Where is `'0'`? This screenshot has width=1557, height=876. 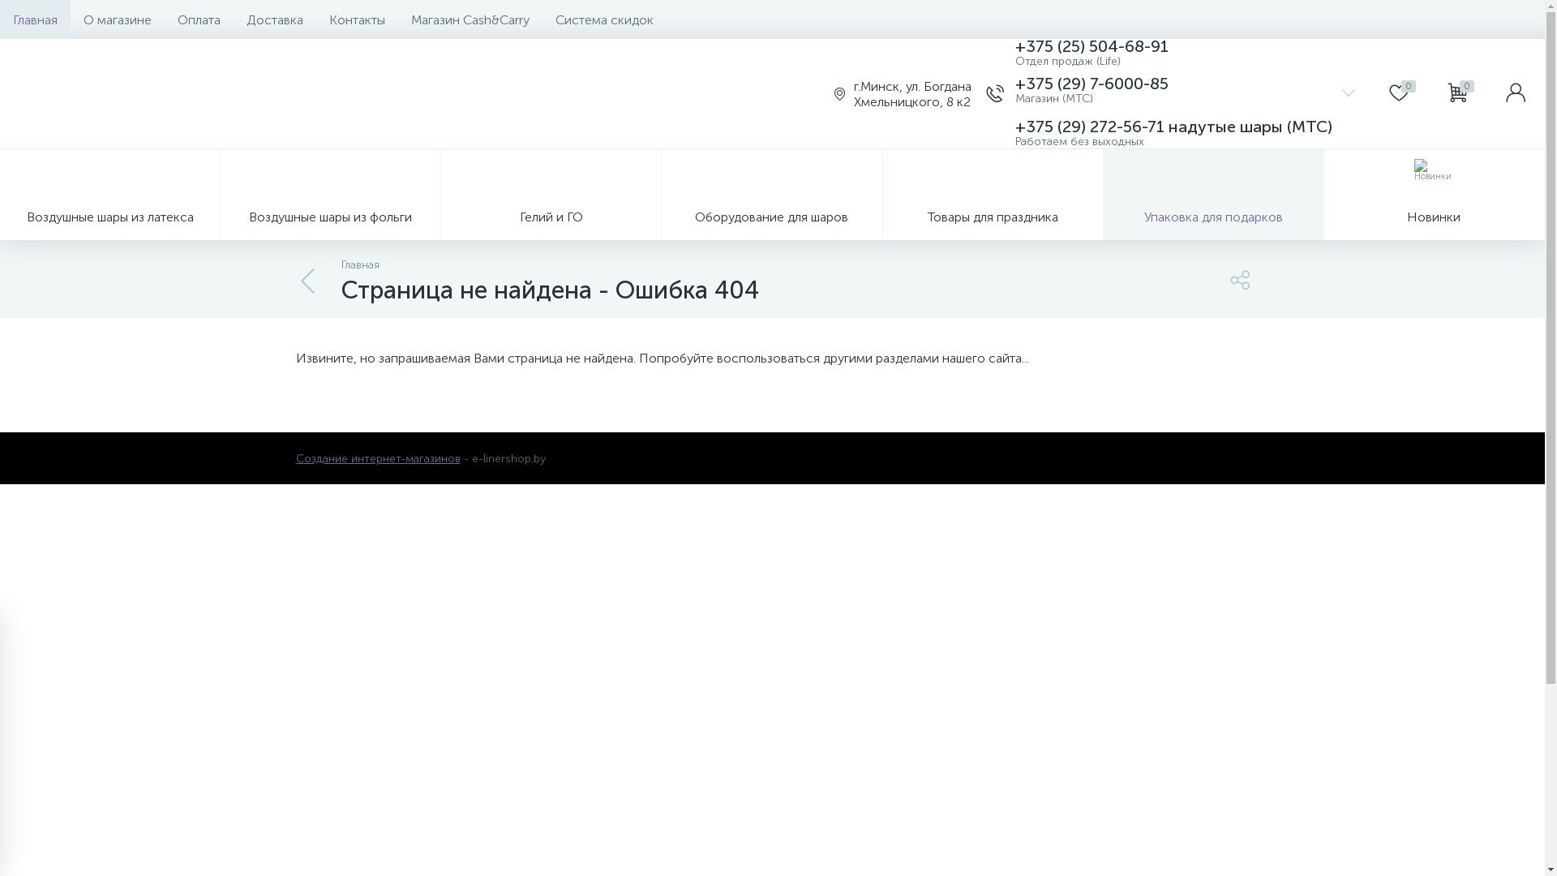 '0' is located at coordinates (1428, 93).